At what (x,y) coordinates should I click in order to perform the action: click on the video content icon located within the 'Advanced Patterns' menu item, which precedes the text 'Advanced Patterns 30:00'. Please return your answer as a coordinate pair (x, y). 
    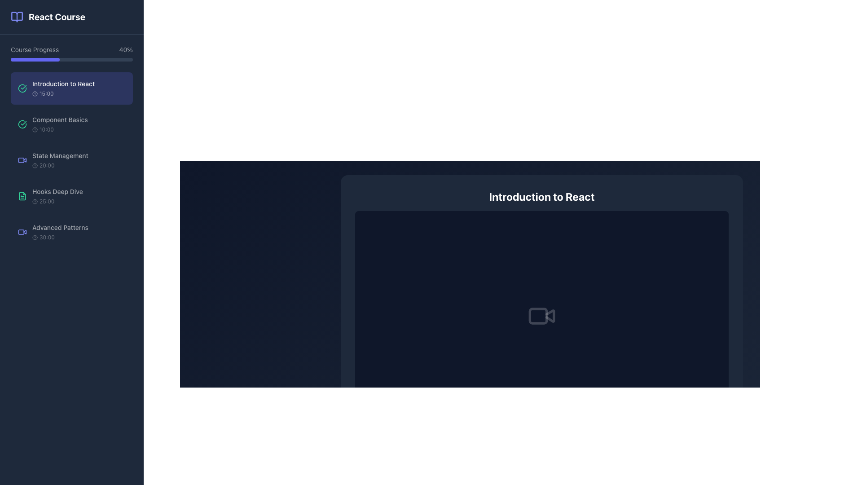
    Looking at the image, I should click on (22, 231).